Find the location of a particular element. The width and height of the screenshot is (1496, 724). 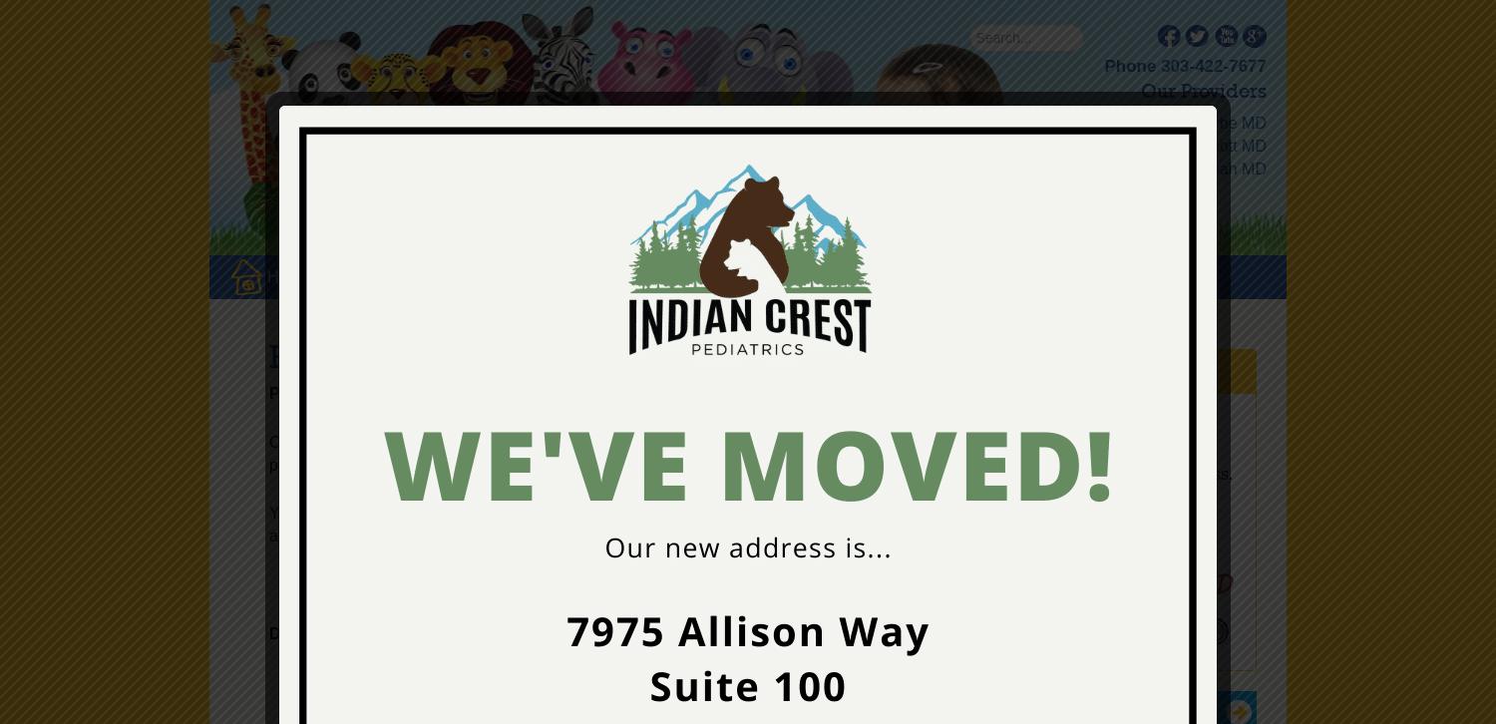

'BLOG' is located at coordinates (798, 275).